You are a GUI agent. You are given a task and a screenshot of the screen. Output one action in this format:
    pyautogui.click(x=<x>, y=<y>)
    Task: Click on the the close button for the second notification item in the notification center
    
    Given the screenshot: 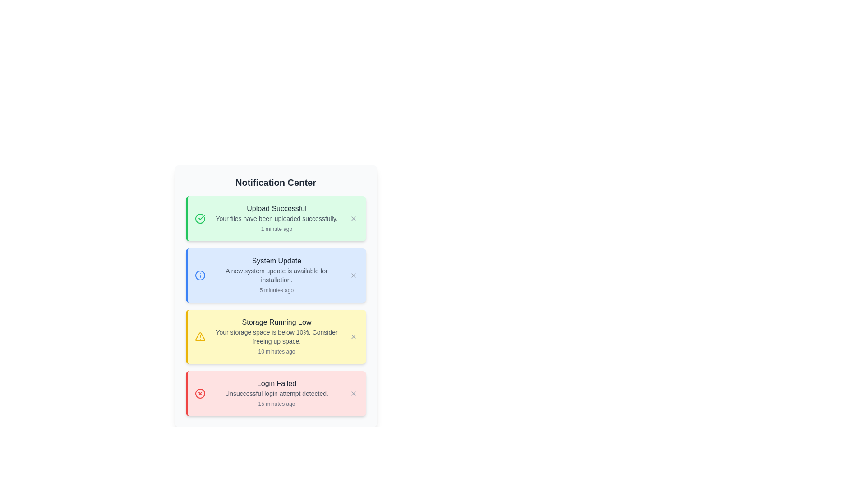 What is the action you would take?
    pyautogui.click(x=353, y=275)
    